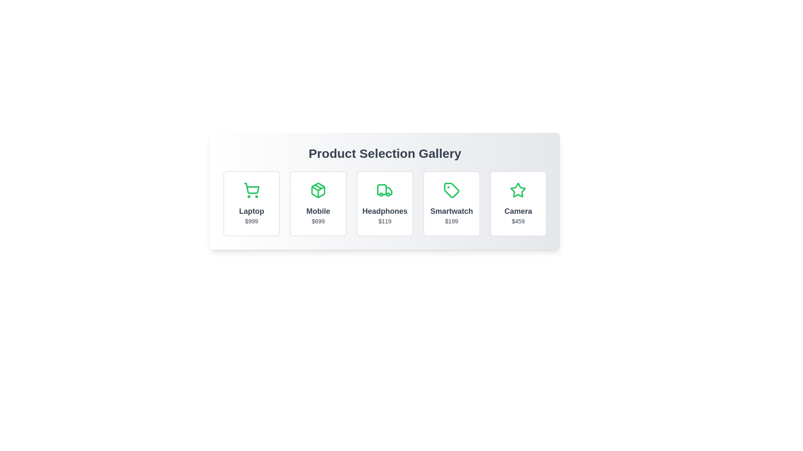 The width and height of the screenshot is (803, 451). Describe the element at coordinates (389, 191) in the screenshot. I see `the green truck icon located in the third card of the 'Product Selection Gallery', which is positioned above the 'Headphones' label` at that location.